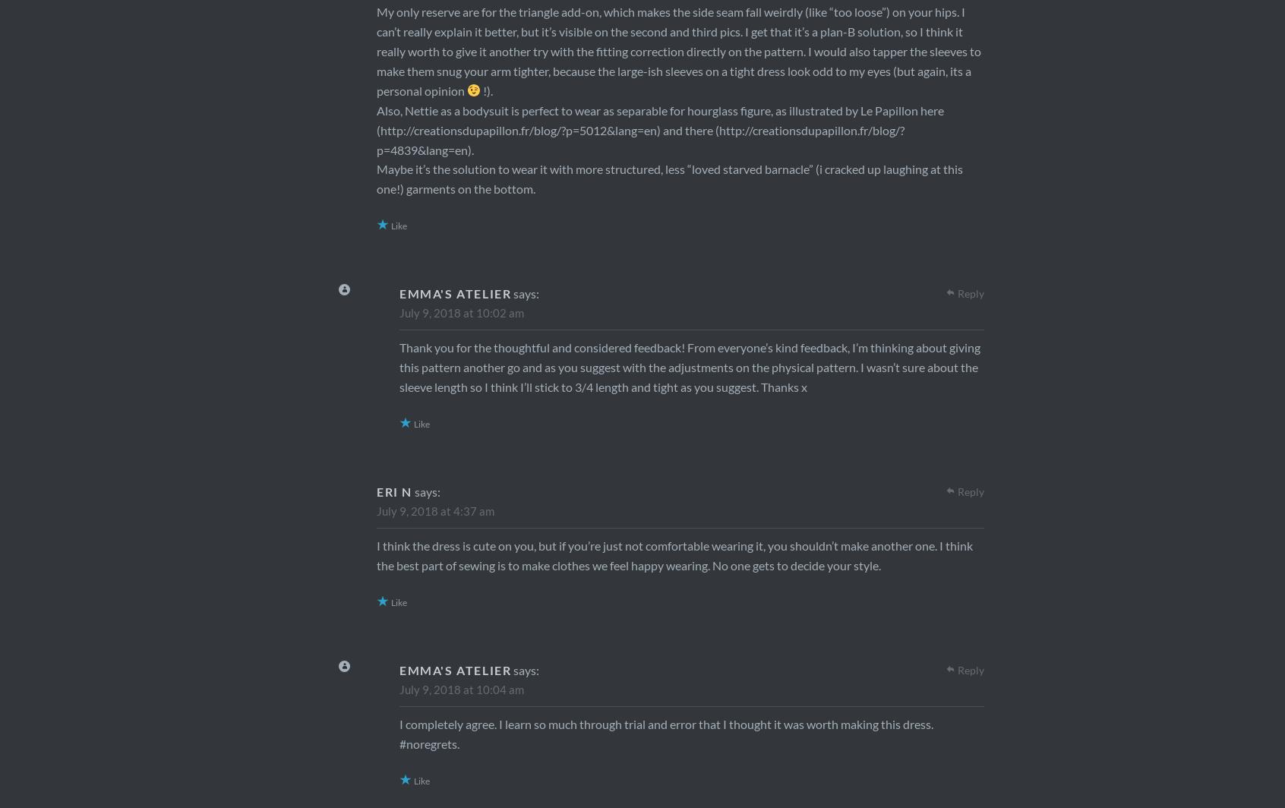  I want to click on 'July 9, 2018 at 10:02 am', so click(460, 312).